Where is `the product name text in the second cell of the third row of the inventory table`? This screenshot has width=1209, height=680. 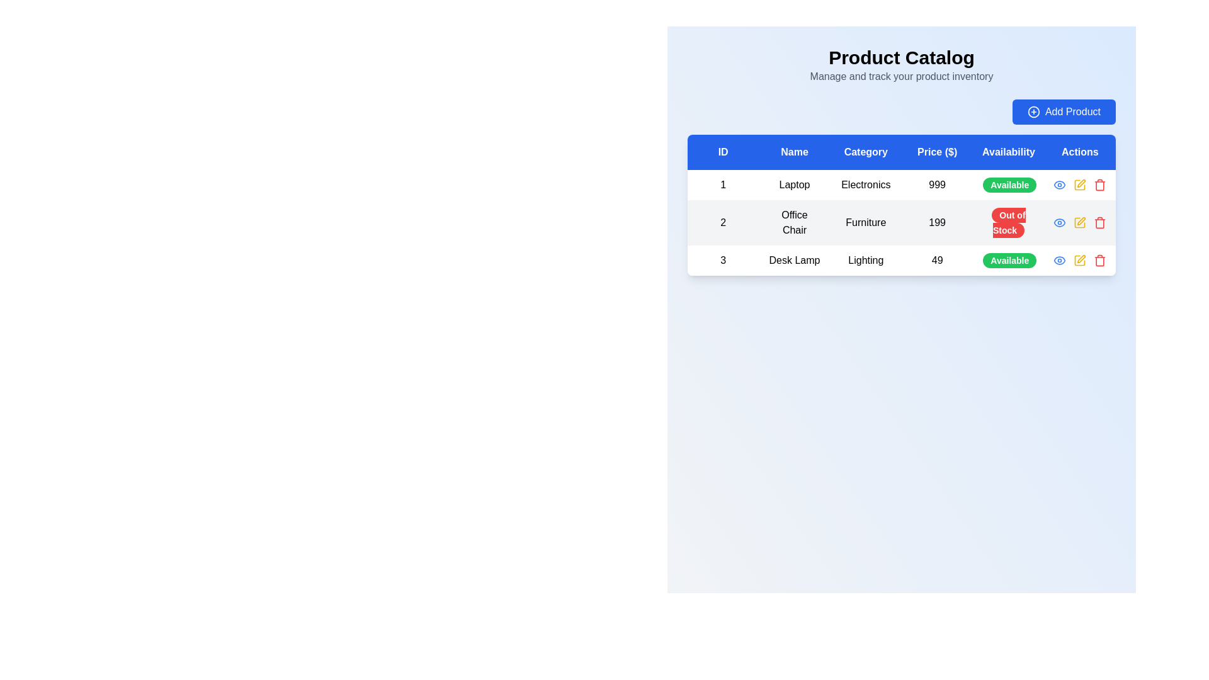 the product name text in the second cell of the third row of the inventory table is located at coordinates (794, 259).